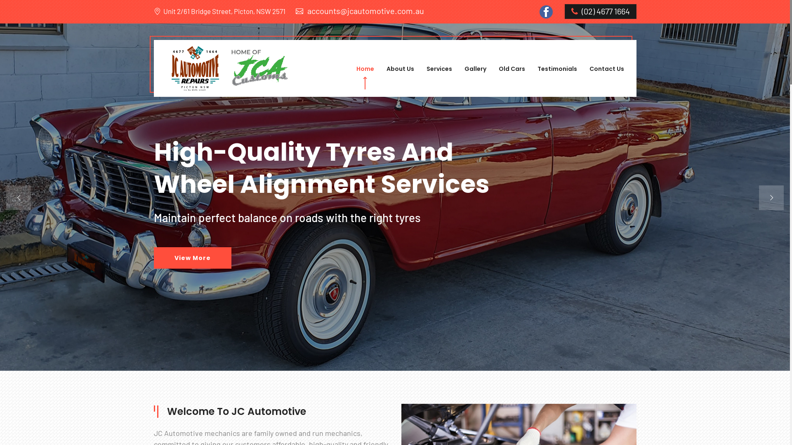 Image resolution: width=792 pixels, height=445 pixels. What do you see at coordinates (511, 68) in the screenshot?
I see `'Old Cars'` at bounding box center [511, 68].